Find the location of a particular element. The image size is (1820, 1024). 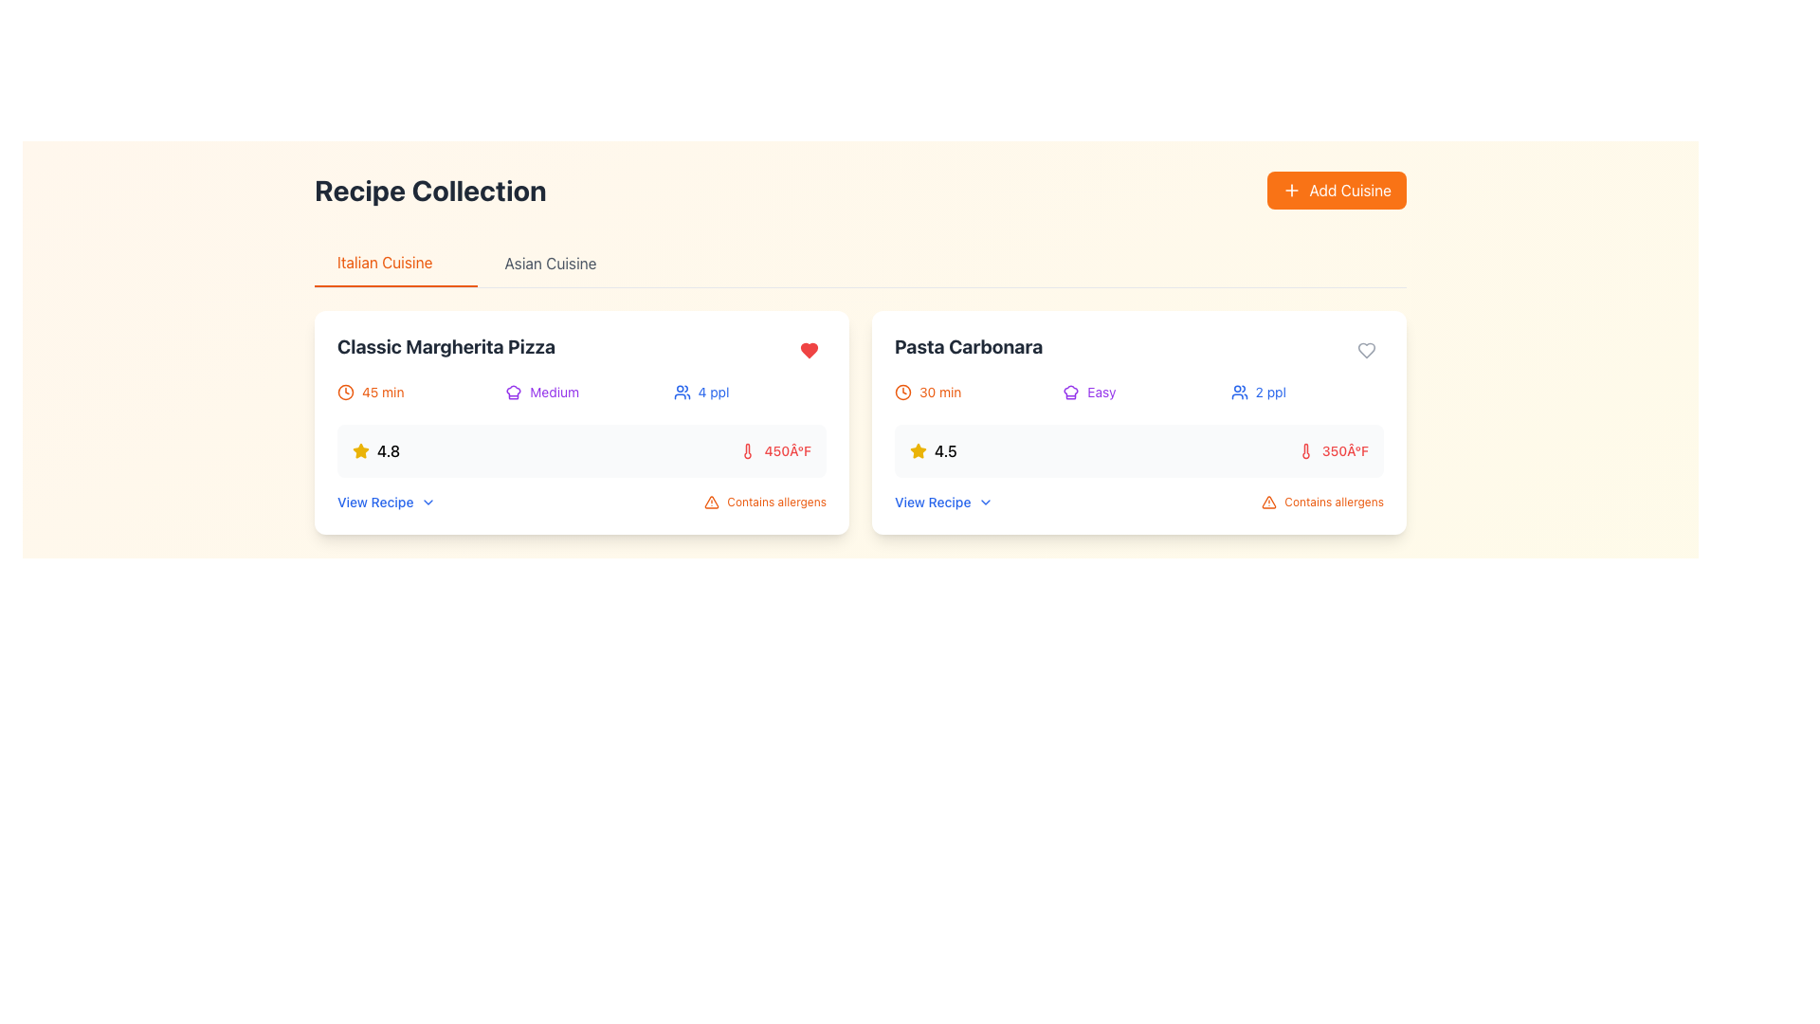

the allergen warning label located in the bottom-right corner of the 'Pasta Carbonara' dish card, adjacent to the orange triangle warning icon is located at coordinates (776, 501).